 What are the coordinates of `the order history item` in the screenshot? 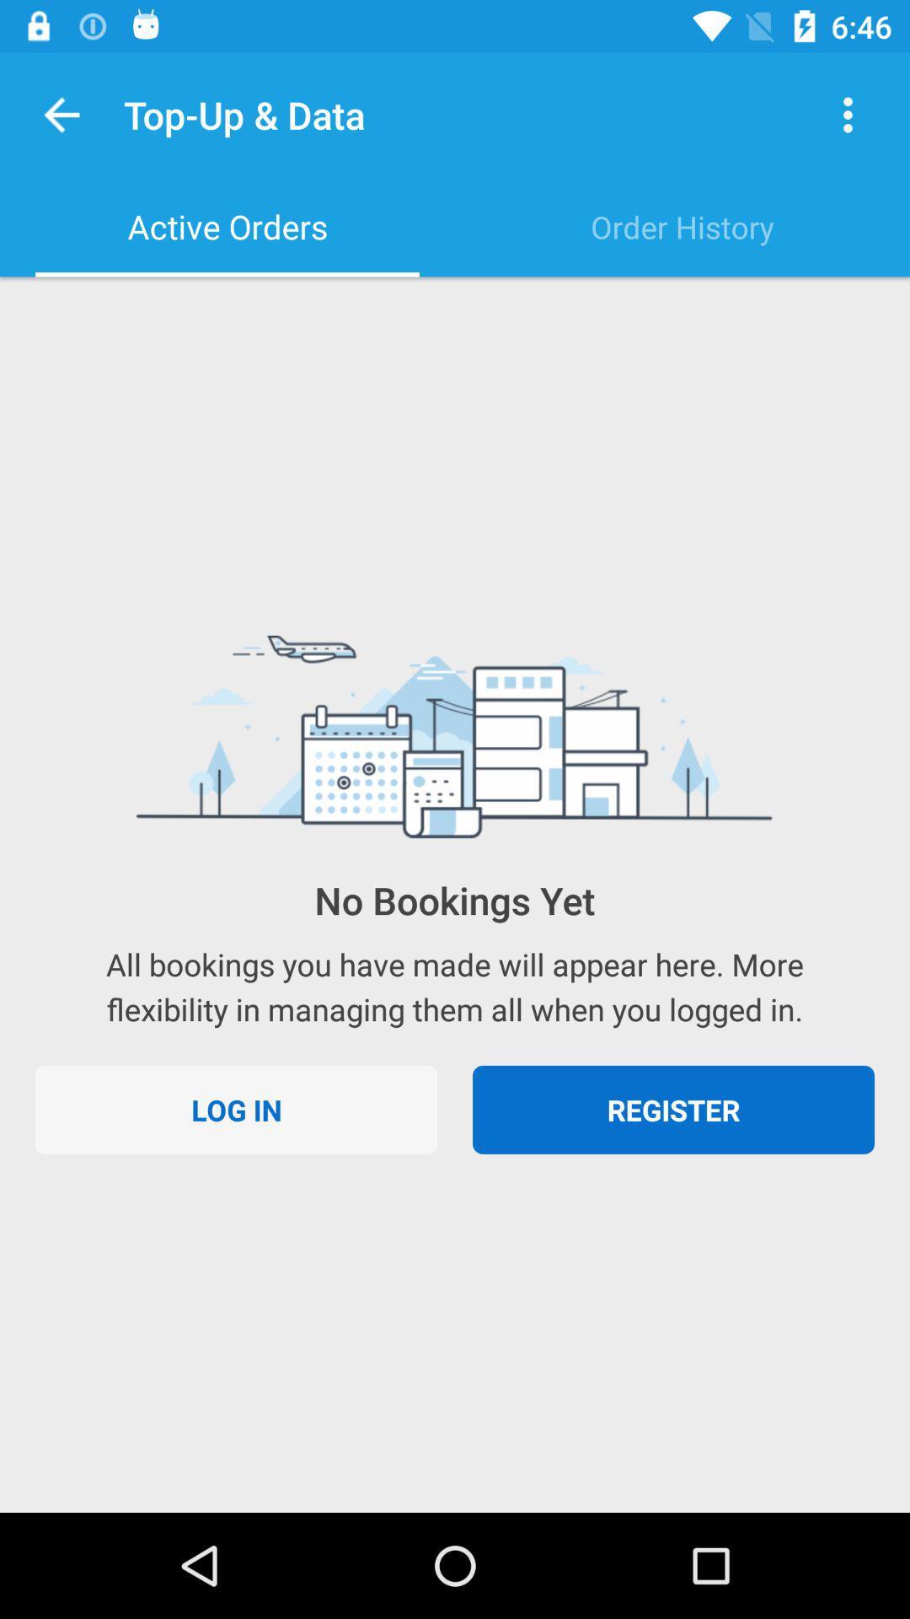 It's located at (682, 226).